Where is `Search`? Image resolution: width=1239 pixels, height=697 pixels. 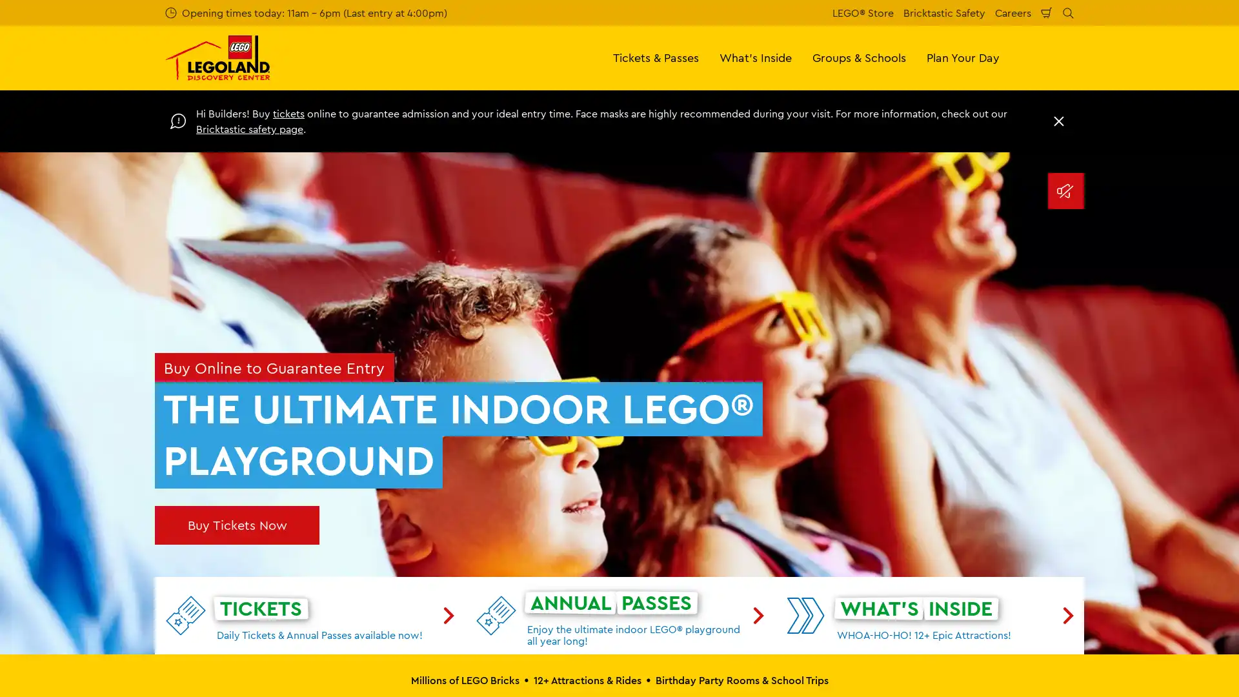
Search is located at coordinates (1068, 12).